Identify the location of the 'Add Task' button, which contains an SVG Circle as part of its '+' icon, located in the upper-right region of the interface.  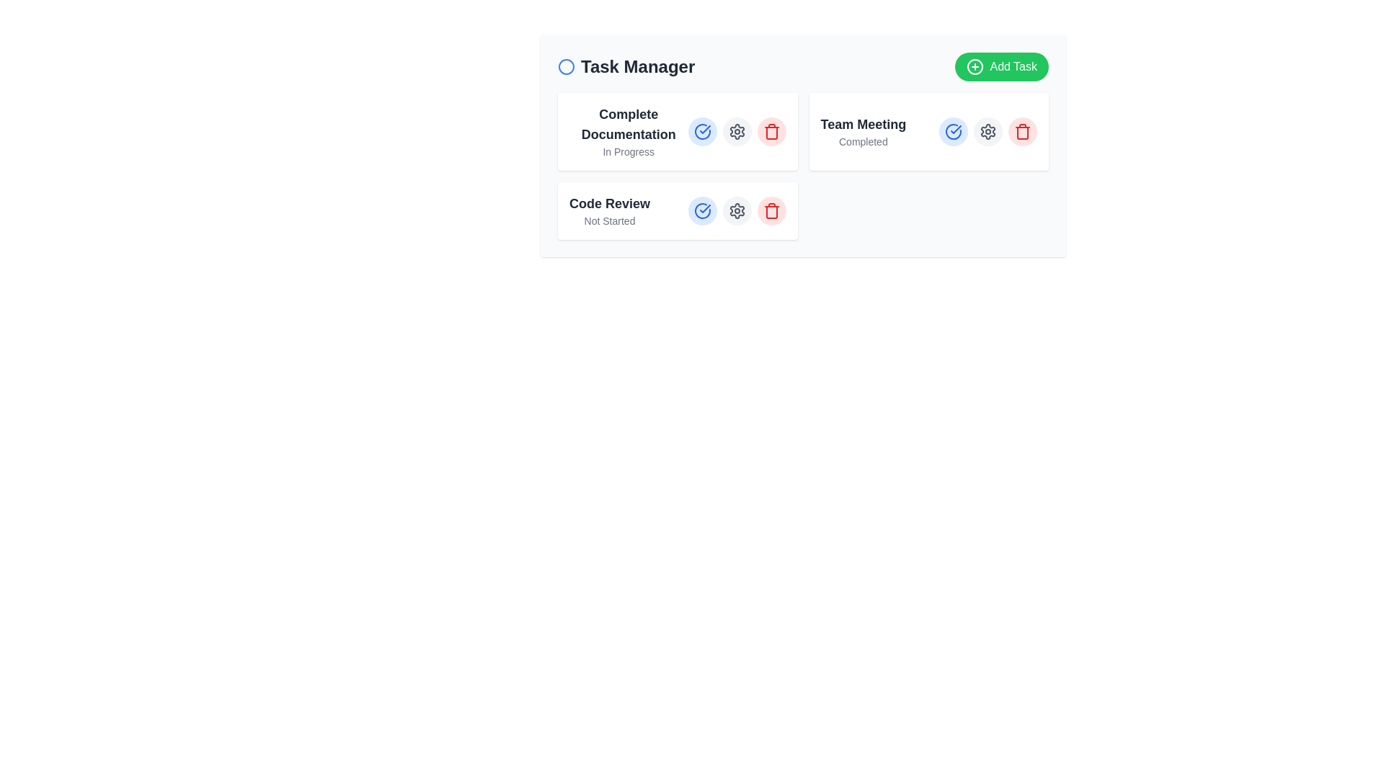
(975, 66).